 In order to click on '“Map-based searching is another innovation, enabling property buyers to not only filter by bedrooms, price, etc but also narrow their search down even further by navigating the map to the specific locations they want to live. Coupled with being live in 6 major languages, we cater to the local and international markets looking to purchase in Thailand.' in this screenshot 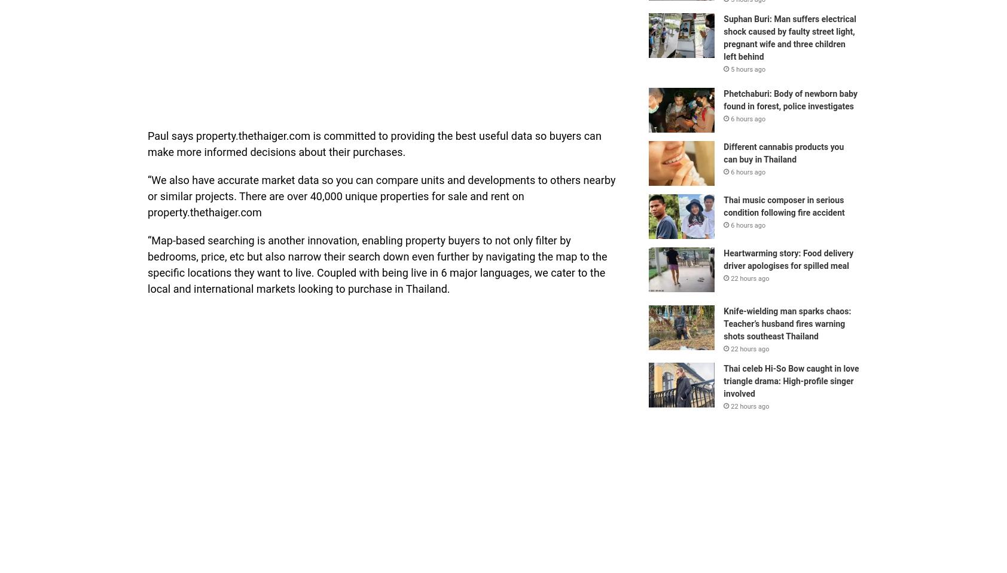, I will do `click(376, 263)`.